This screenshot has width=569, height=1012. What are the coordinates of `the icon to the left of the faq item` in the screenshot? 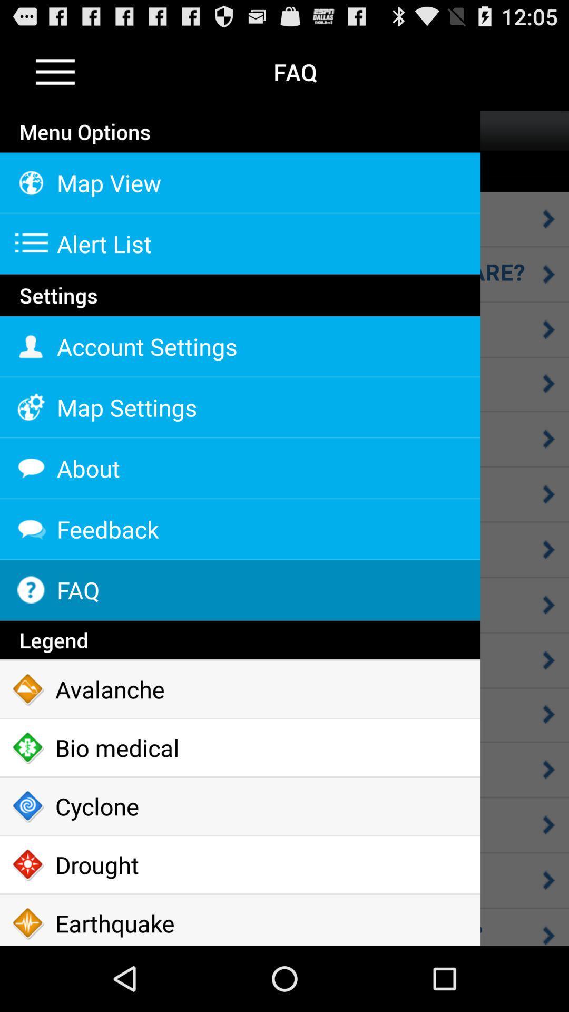 It's located at (55, 71).